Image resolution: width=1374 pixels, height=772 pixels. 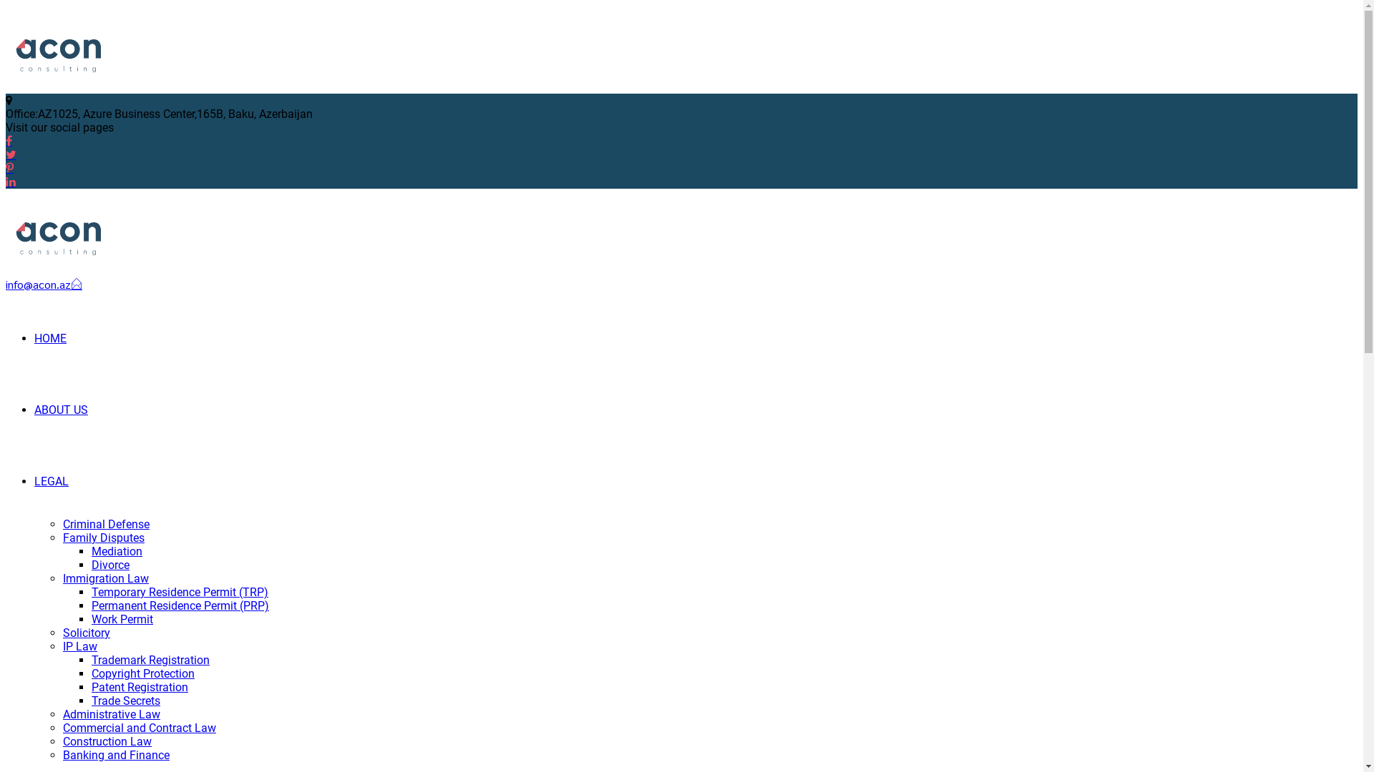 What do you see at coordinates (91, 686) in the screenshot?
I see `'Patent Registration'` at bounding box center [91, 686].